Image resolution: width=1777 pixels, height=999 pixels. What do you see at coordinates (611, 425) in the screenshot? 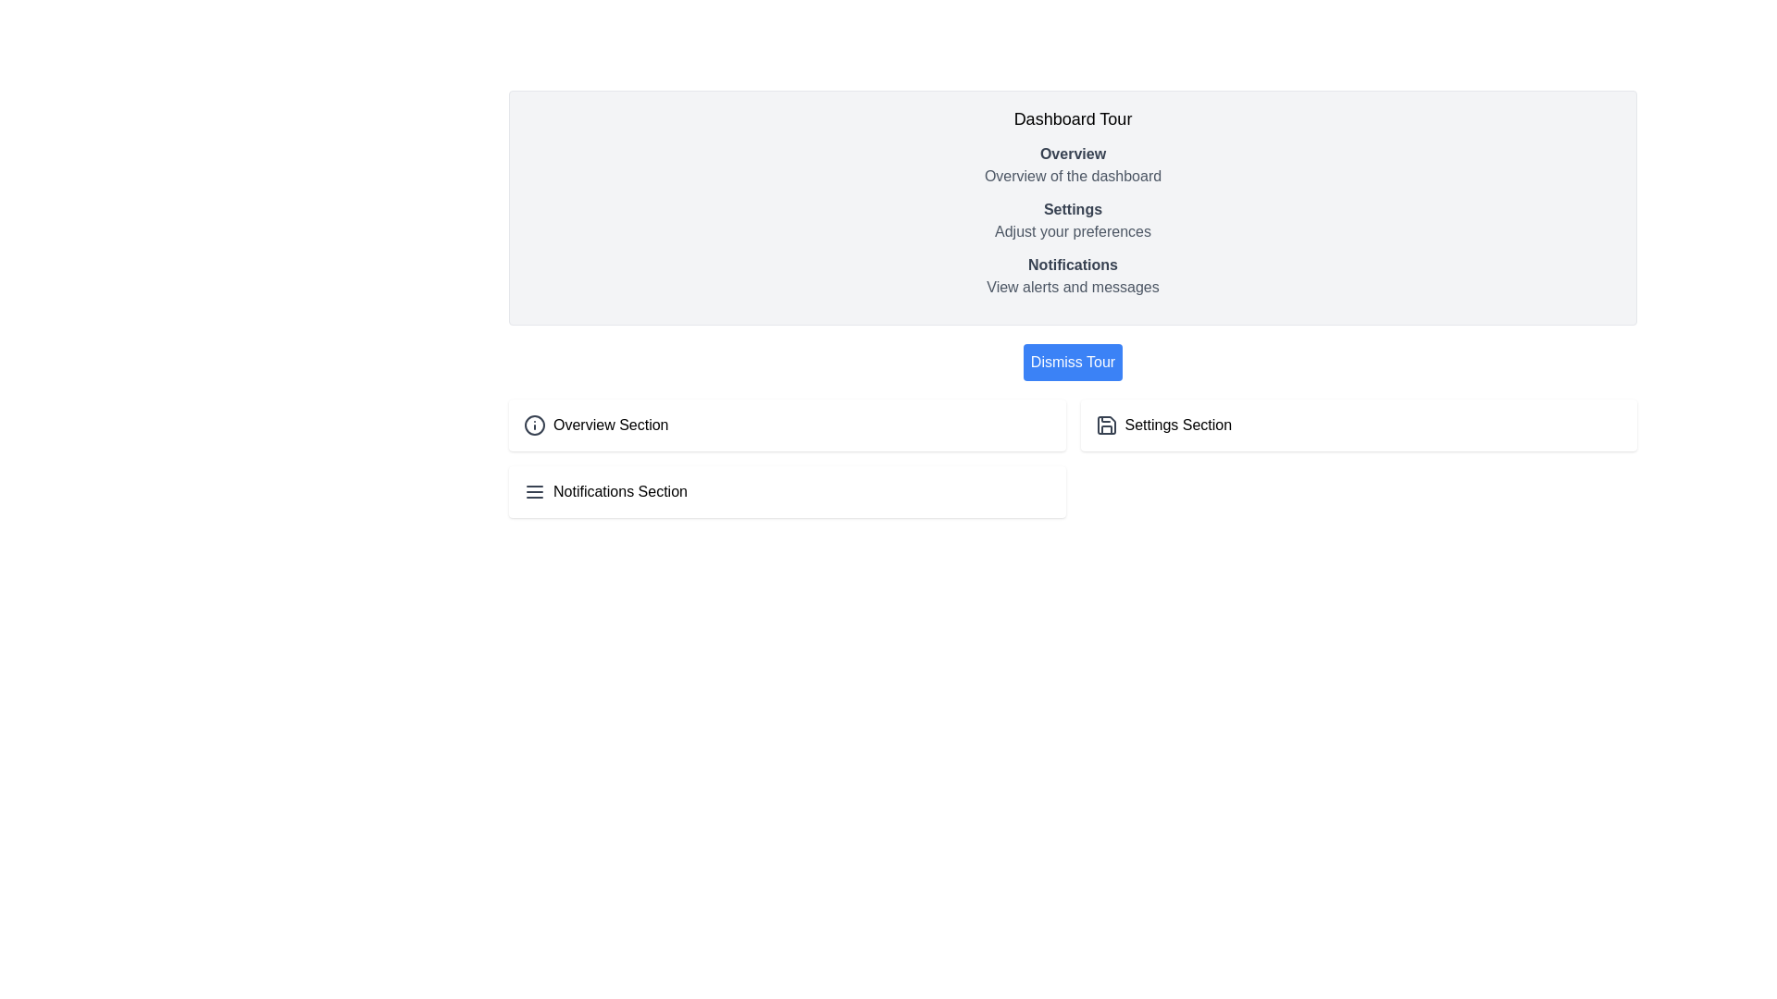
I see `the 'Overview Section' Text Label positioned to the right of the information icon in the upper-left part of the lower section of the interface` at bounding box center [611, 425].